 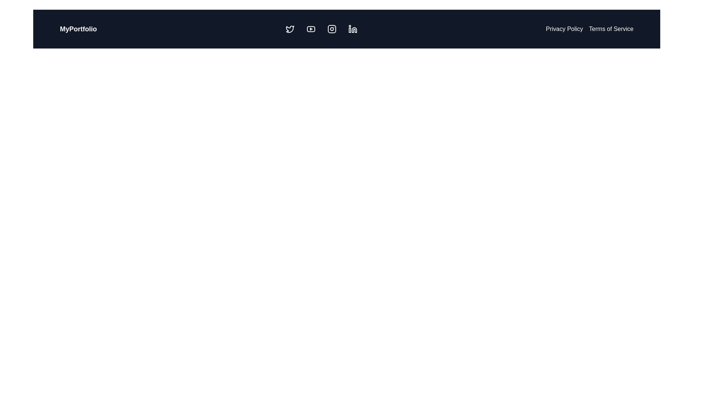 What do you see at coordinates (331, 28) in the screenshot?
I see `the Instagram button located at the top center of the interface, positioned between the YouTube and LinkedIn buttons` at bounding box center [331, 28].